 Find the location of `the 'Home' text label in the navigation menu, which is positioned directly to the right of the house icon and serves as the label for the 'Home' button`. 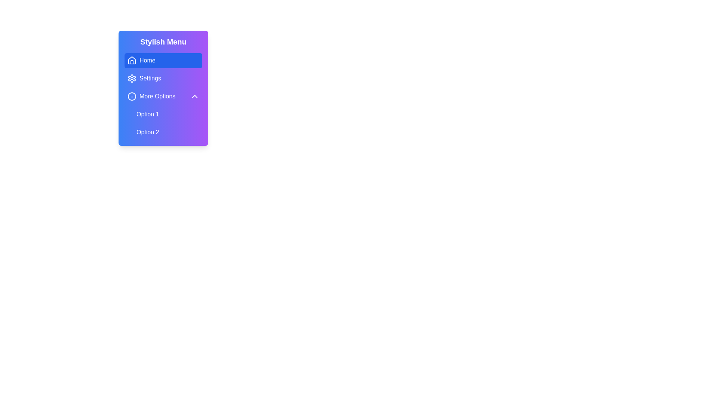

the 'Home' text label in the navigation menu, which is positioned directly to the right of the house icon and serves as the label for the 'Home' button is located at coordinates (147, 60).